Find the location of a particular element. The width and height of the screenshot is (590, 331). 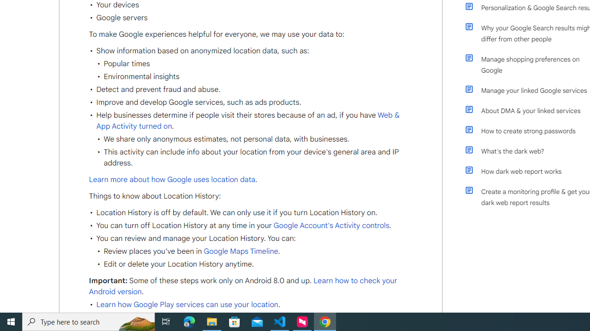

' Google Account' is located at coordinates (330, 226).